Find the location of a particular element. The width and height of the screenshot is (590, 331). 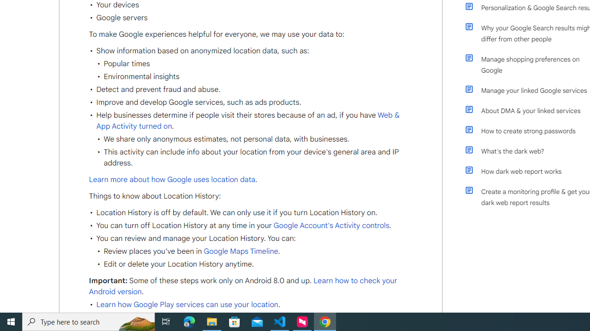

' Google Account' is located at coordinates (330, 226).